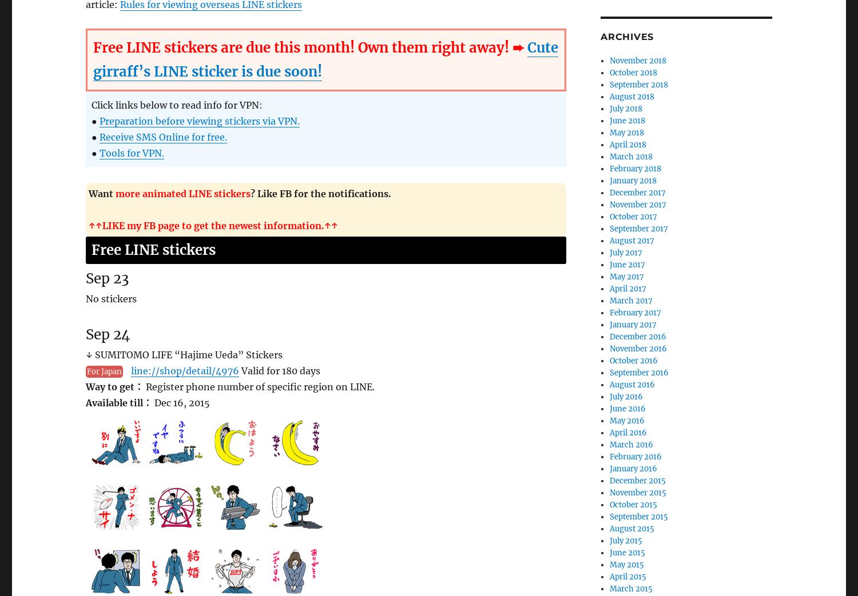 The width and height of the screenshot is (858, 596). Describe the element at coordinates (633, 504) in the screenshot. I see `'October 2015'` at that location.